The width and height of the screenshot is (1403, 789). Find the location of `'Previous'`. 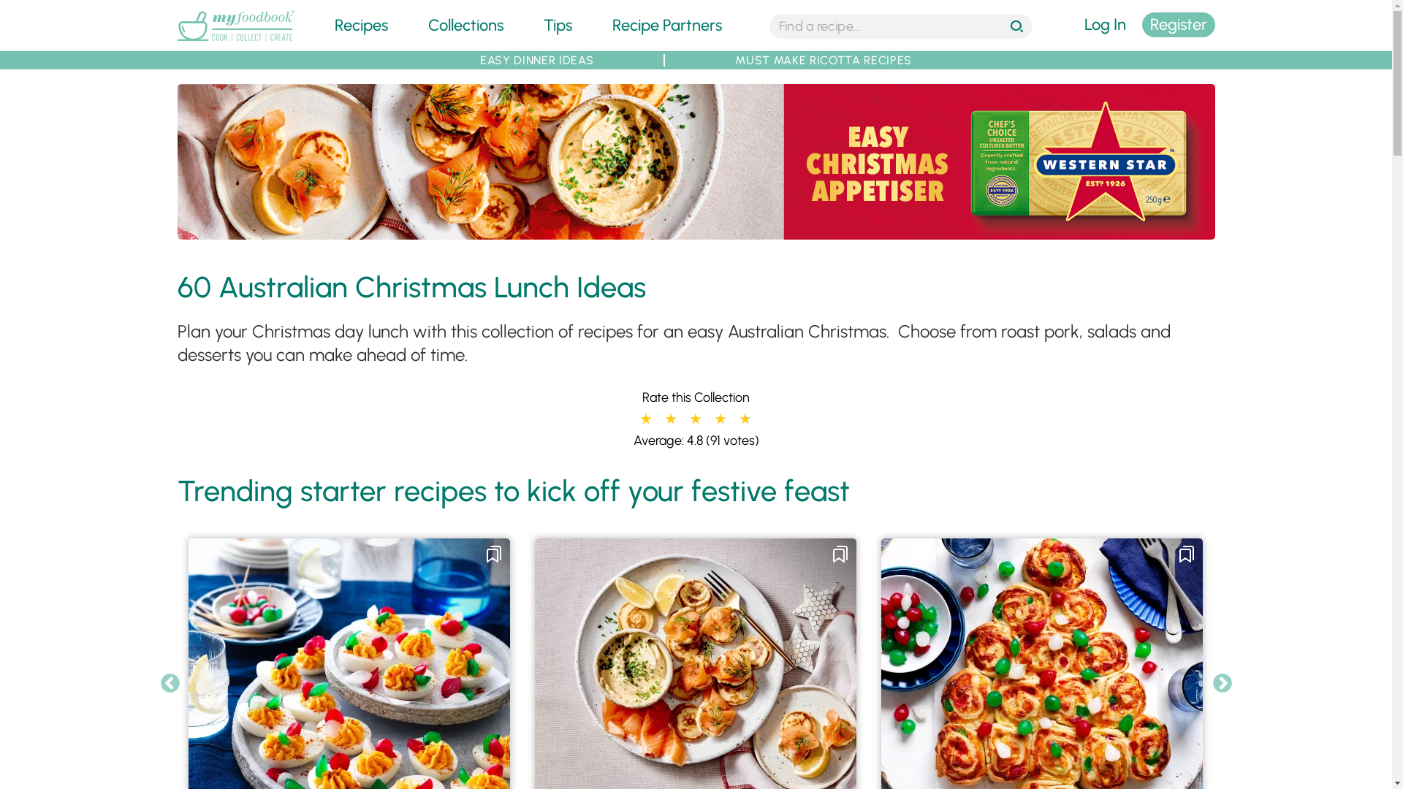

'Previous' is located at coordinates (159, 684).